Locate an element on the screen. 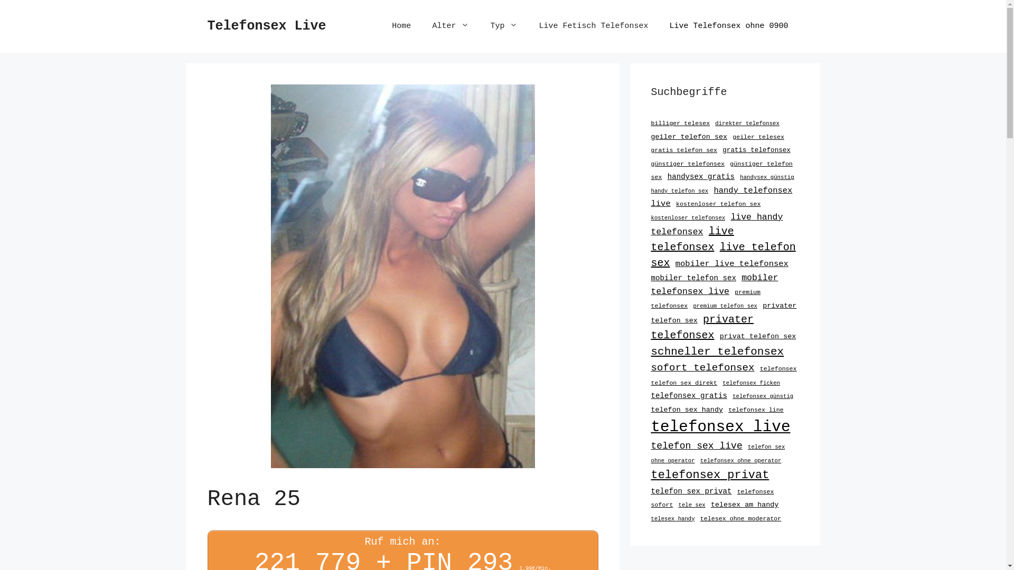 The height and width of the screenshot is (570, 1014). 'gratis telefon sex' is located at coordinates (650, 150).